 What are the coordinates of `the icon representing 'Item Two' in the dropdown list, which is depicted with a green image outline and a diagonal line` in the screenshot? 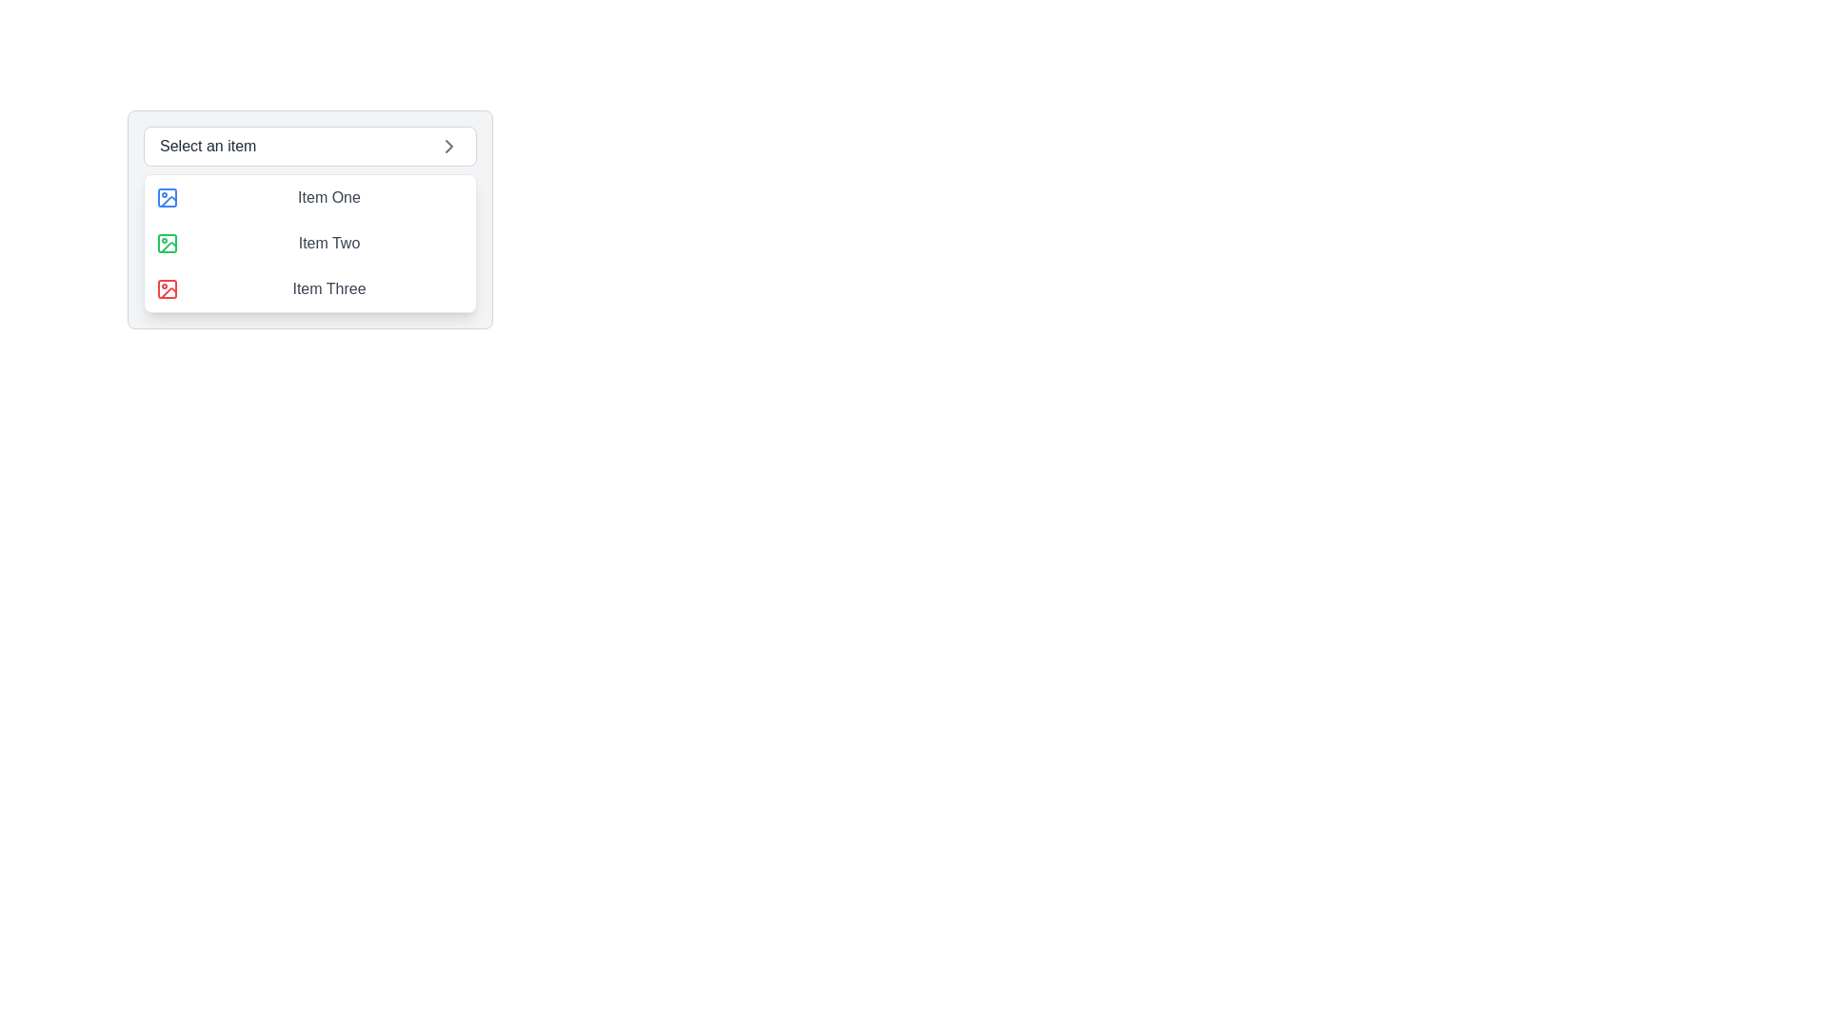 It's located at (168, 242).